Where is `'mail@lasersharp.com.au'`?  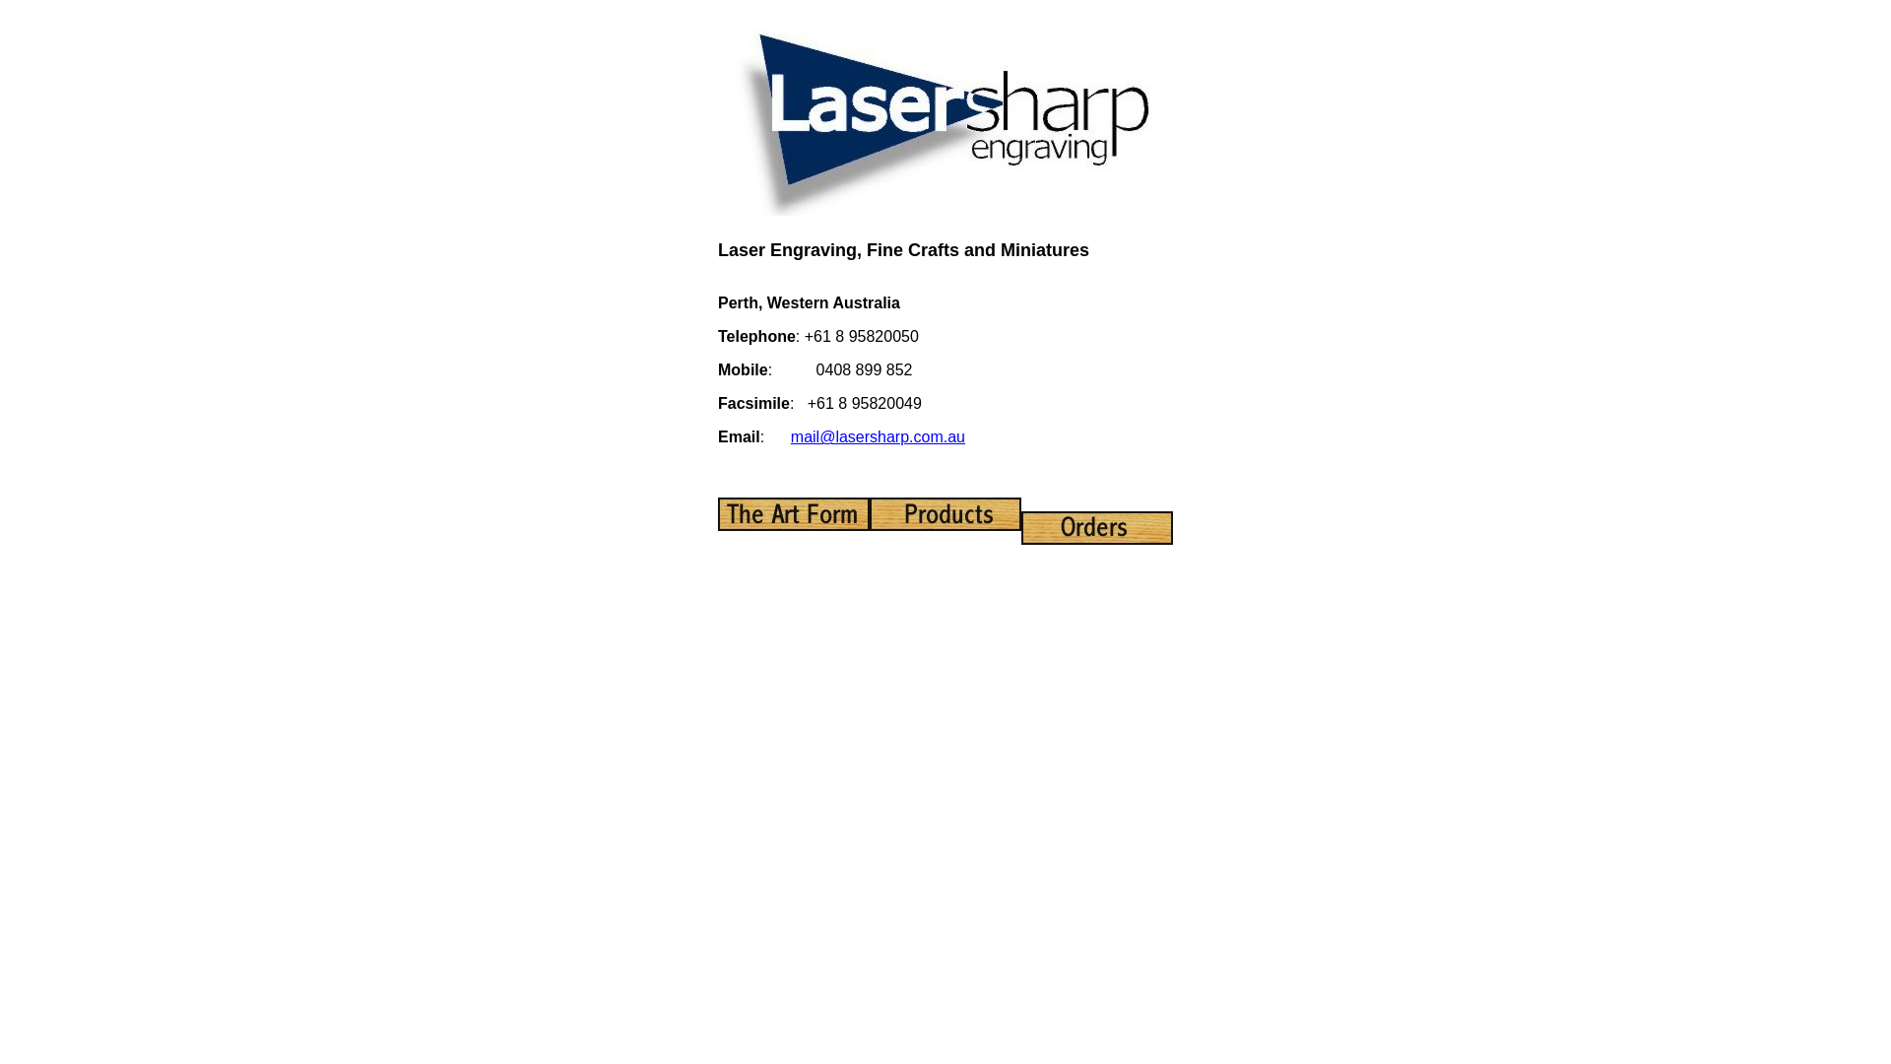
'mail@lasersharp.com.au' is located at coordinates (790, 435).